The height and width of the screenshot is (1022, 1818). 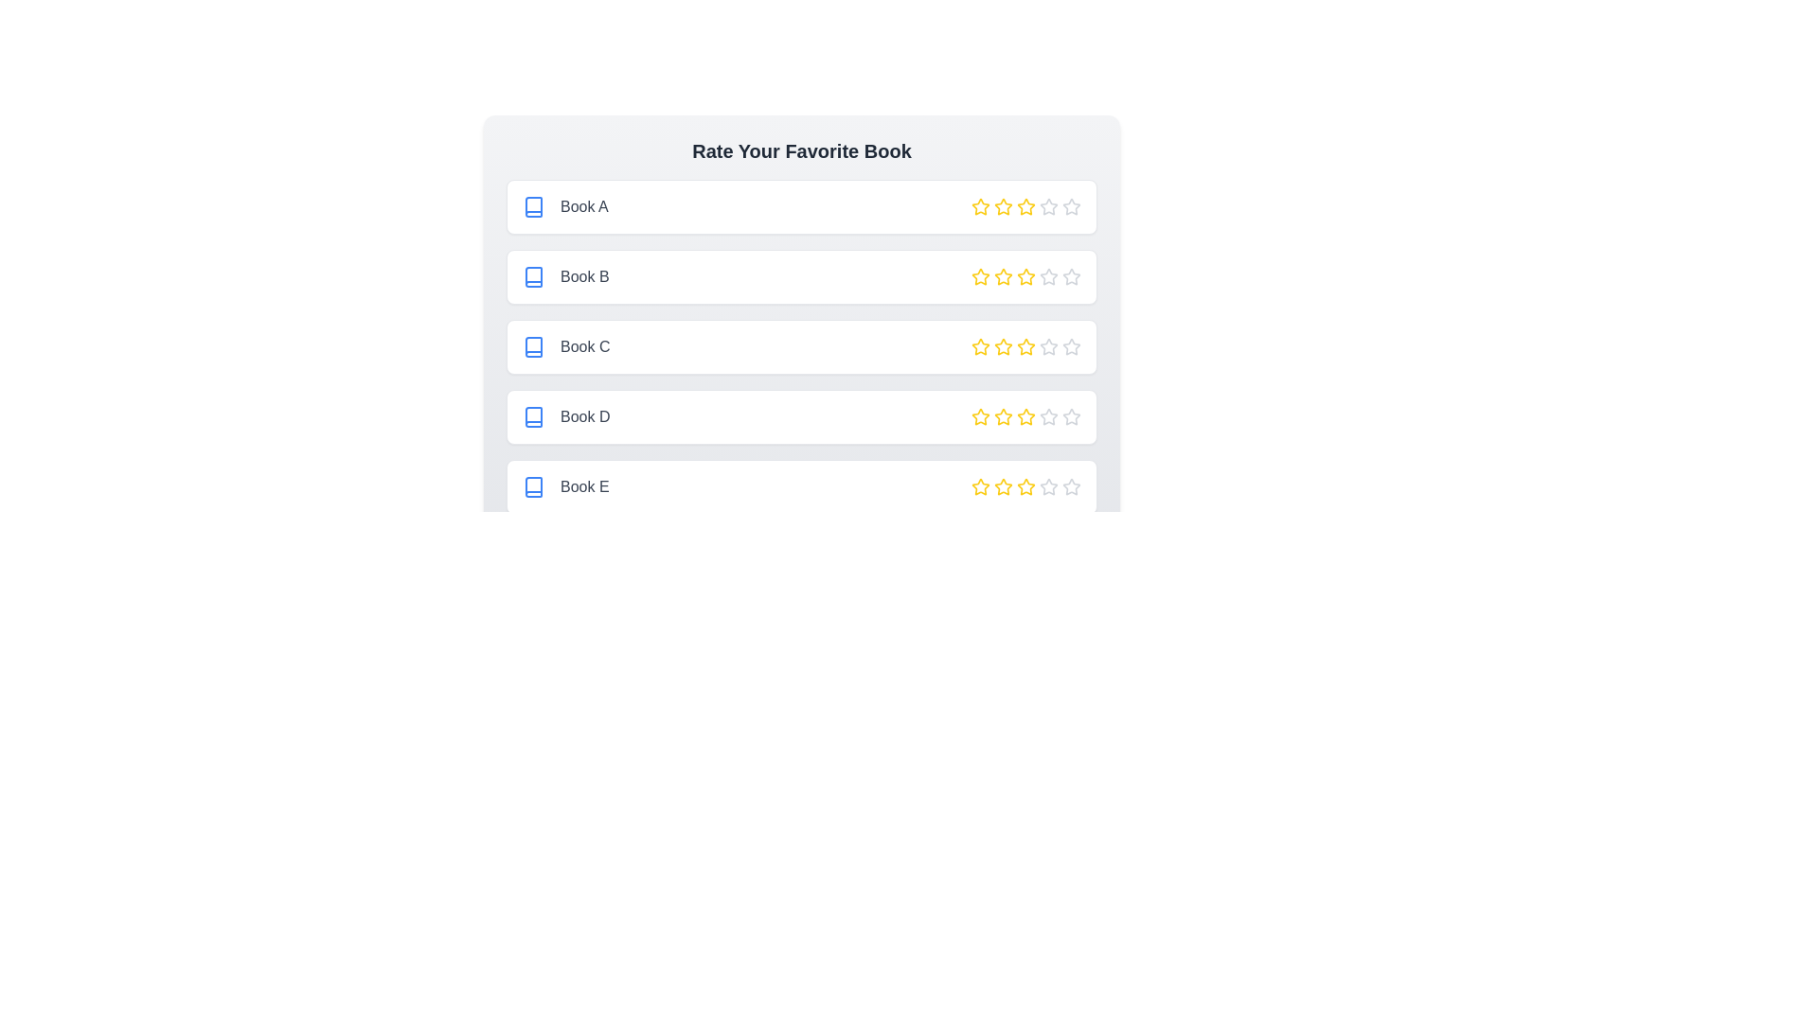 I want to click on the book name Book B to focus or interact with the text, so click(x=563, y=277).